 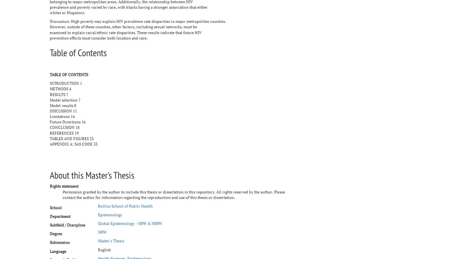 What do you see at coordinates (62, 116) in the screenshot?
I see `'Limitations 14'` at bounding box center [62, 116].